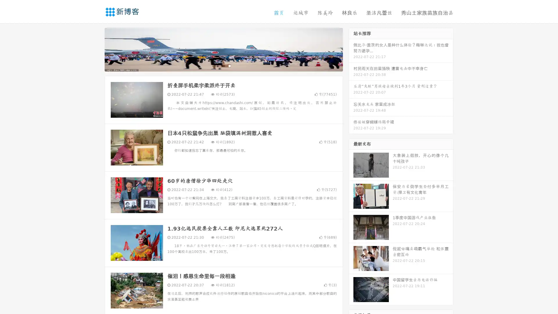 The height and width of the screenshot is (314, 558). What do you see at coordinates (229, 65) in the screenshot?
I see `Go to slide 3` at bounding box center [229, 65].